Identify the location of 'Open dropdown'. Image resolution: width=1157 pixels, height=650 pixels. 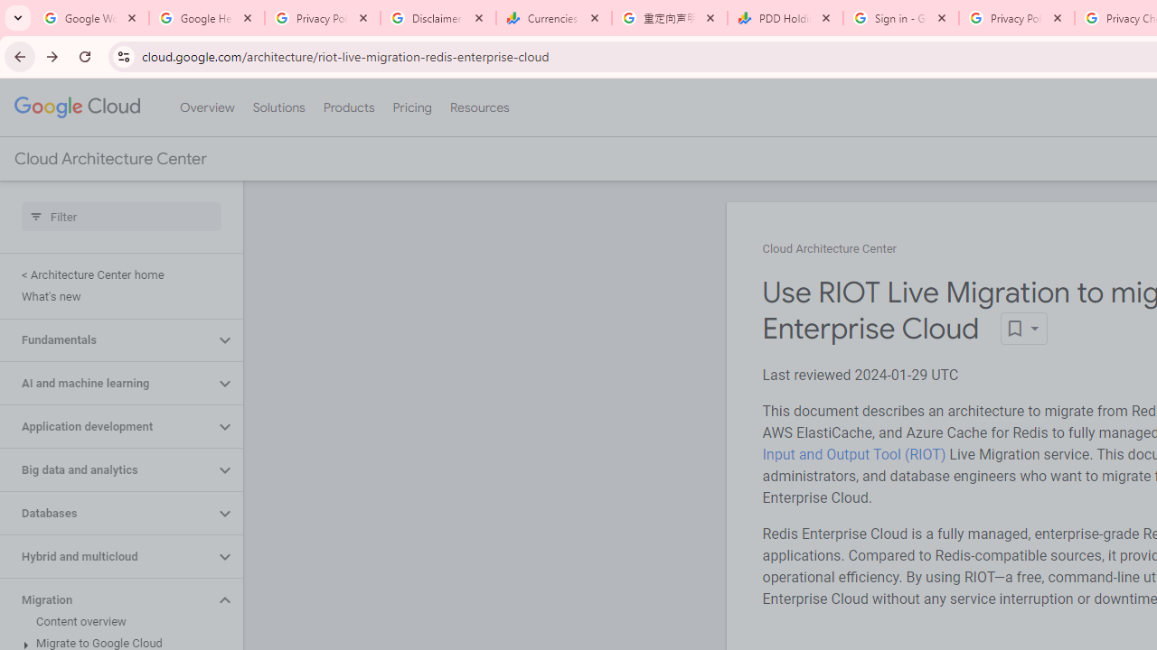
(1023, 329).